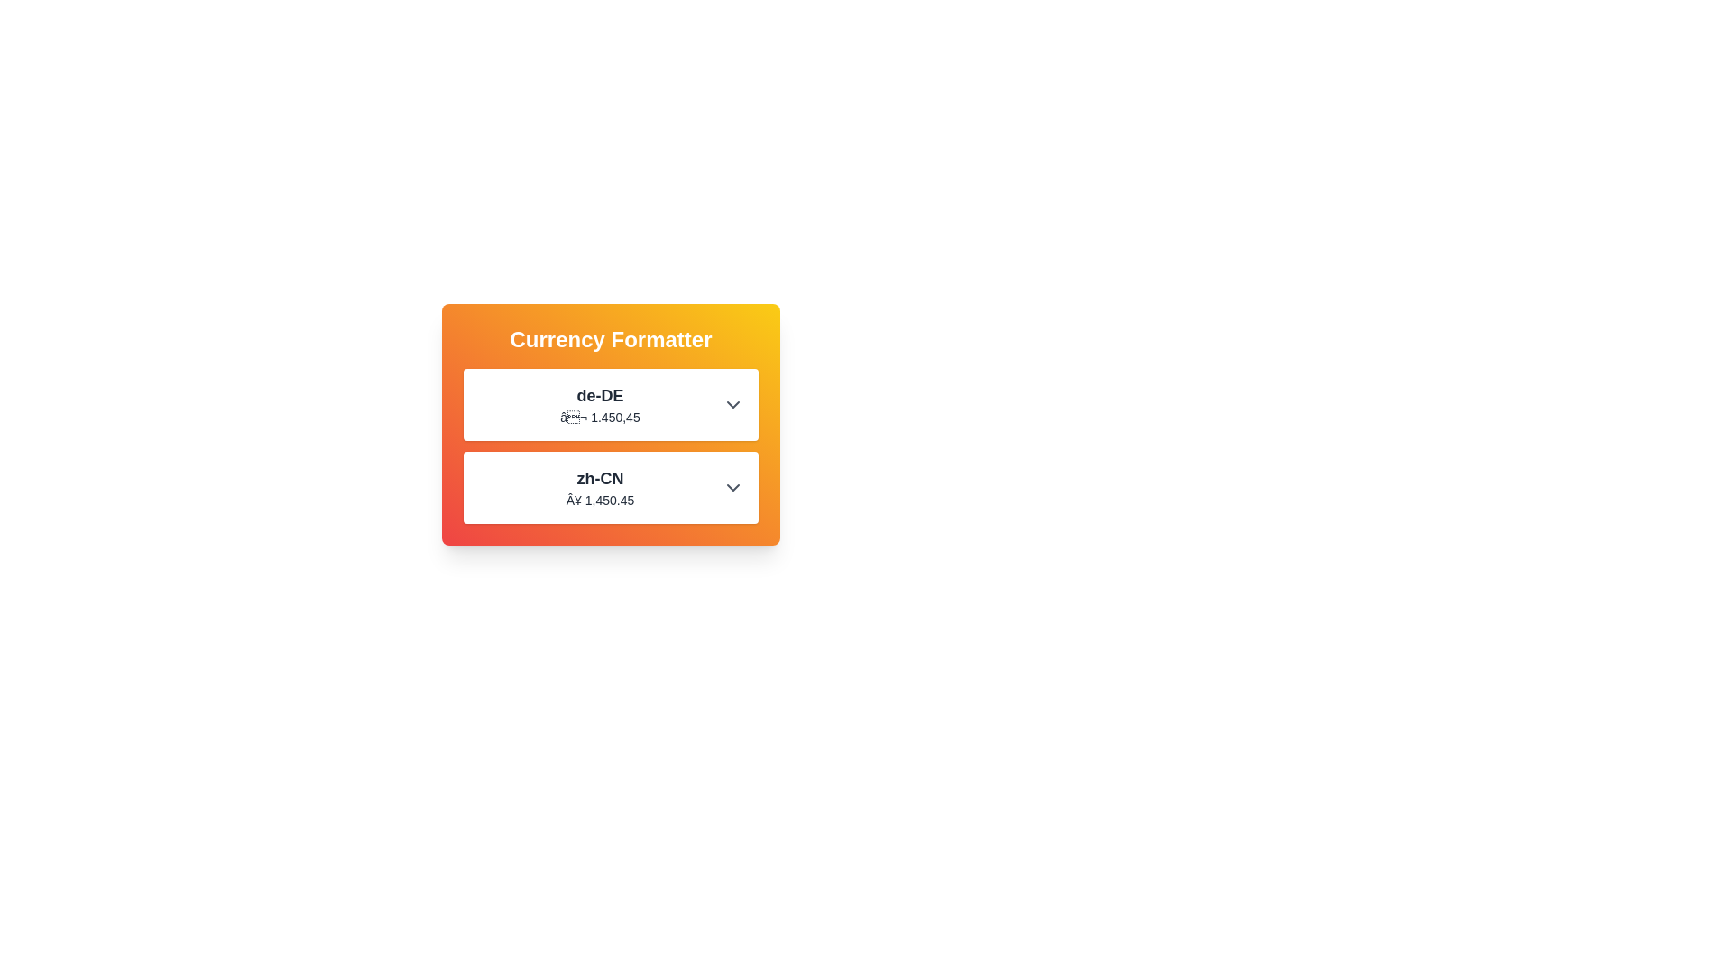  I want to click on the static text label displaying 'de-DE' in bold, which is positioned at the top of the currency formatter component, so click(600, 395).